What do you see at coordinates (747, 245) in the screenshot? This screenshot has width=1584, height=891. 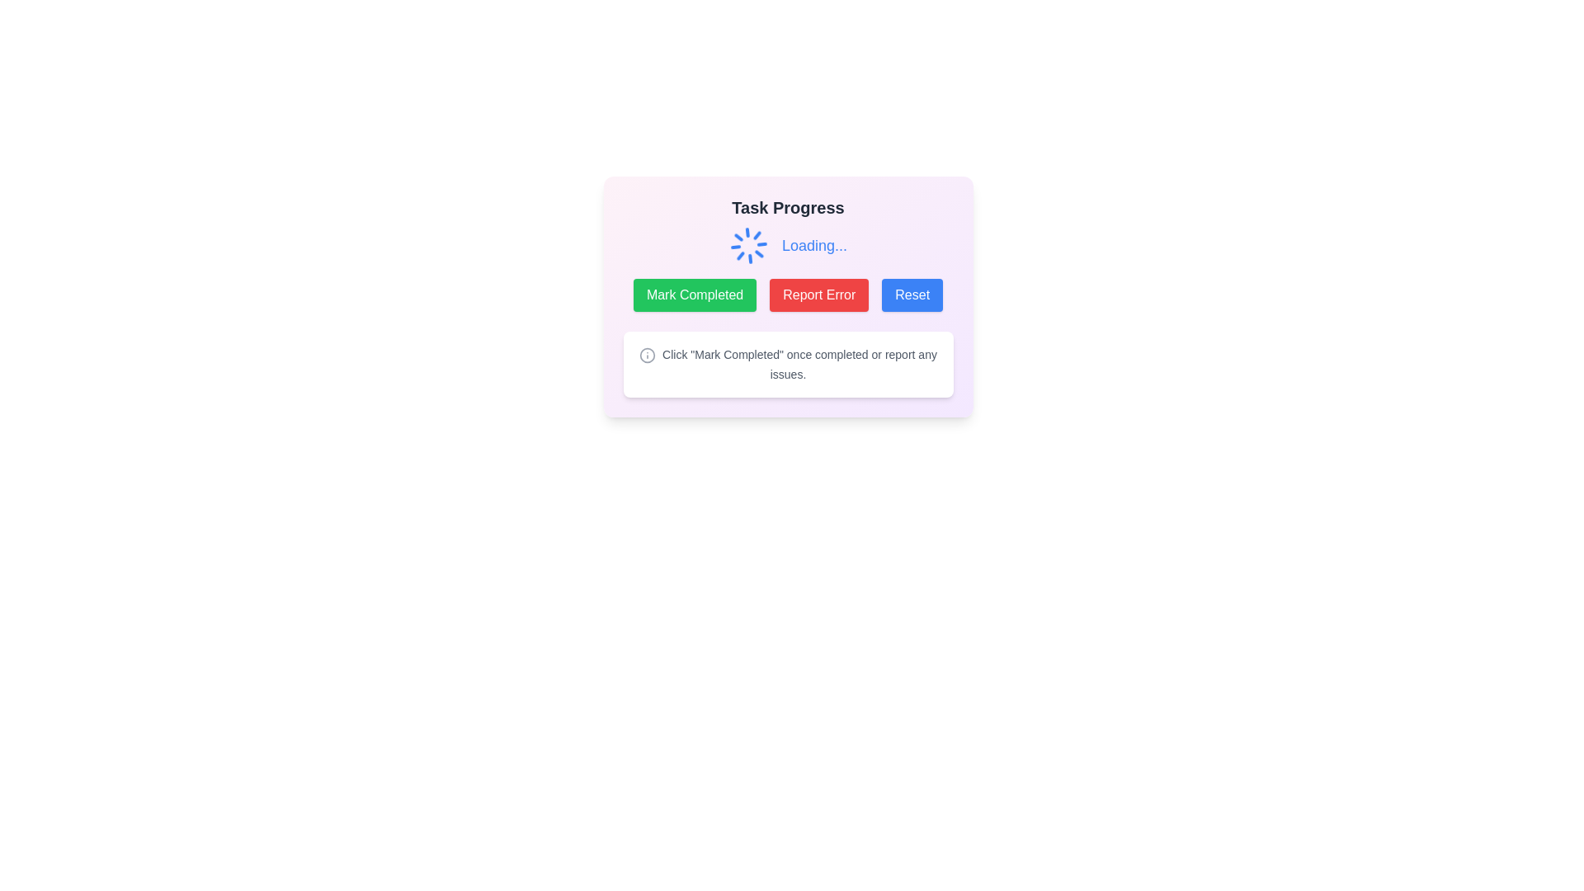 I see `the SVG spinner located to the left of the 'Loading...' text, which indicates an ongoing process within the application` at bounding box center [747, 245].